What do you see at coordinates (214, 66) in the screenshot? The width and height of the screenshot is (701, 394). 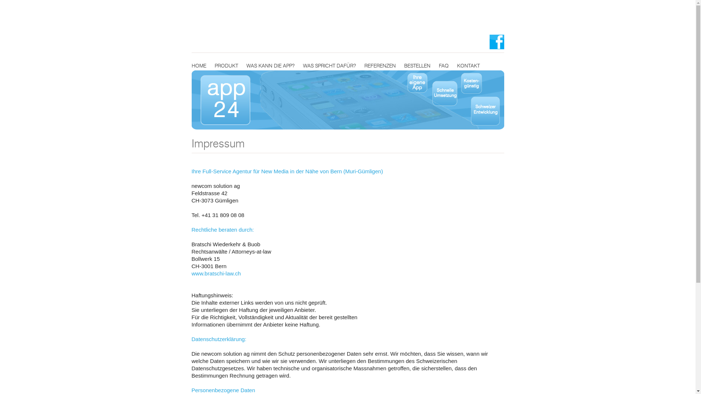 I see `'PRODUKT'` at bounding box center [214, 66].